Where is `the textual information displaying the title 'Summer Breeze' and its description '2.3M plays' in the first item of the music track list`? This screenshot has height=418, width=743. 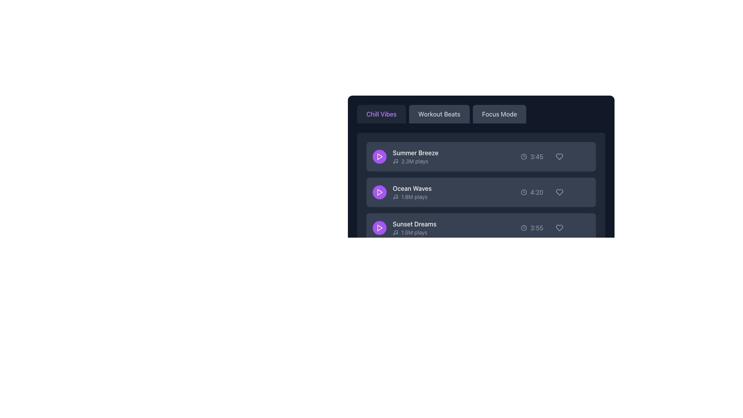 the textual information displaying the title 'Summer Breeze' and its description '2.3M plays' in the first item of the music track list is located at coordinates (415, 157).